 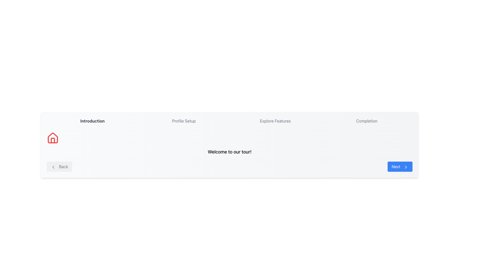 What do you see at coordinates (406, 167) in the screenshot?
I see `the decorative icon (arrow within a chevron icon) that indicates forward movement, located adjacent to the blue 'Next' button` at bounding box center [406, 167].